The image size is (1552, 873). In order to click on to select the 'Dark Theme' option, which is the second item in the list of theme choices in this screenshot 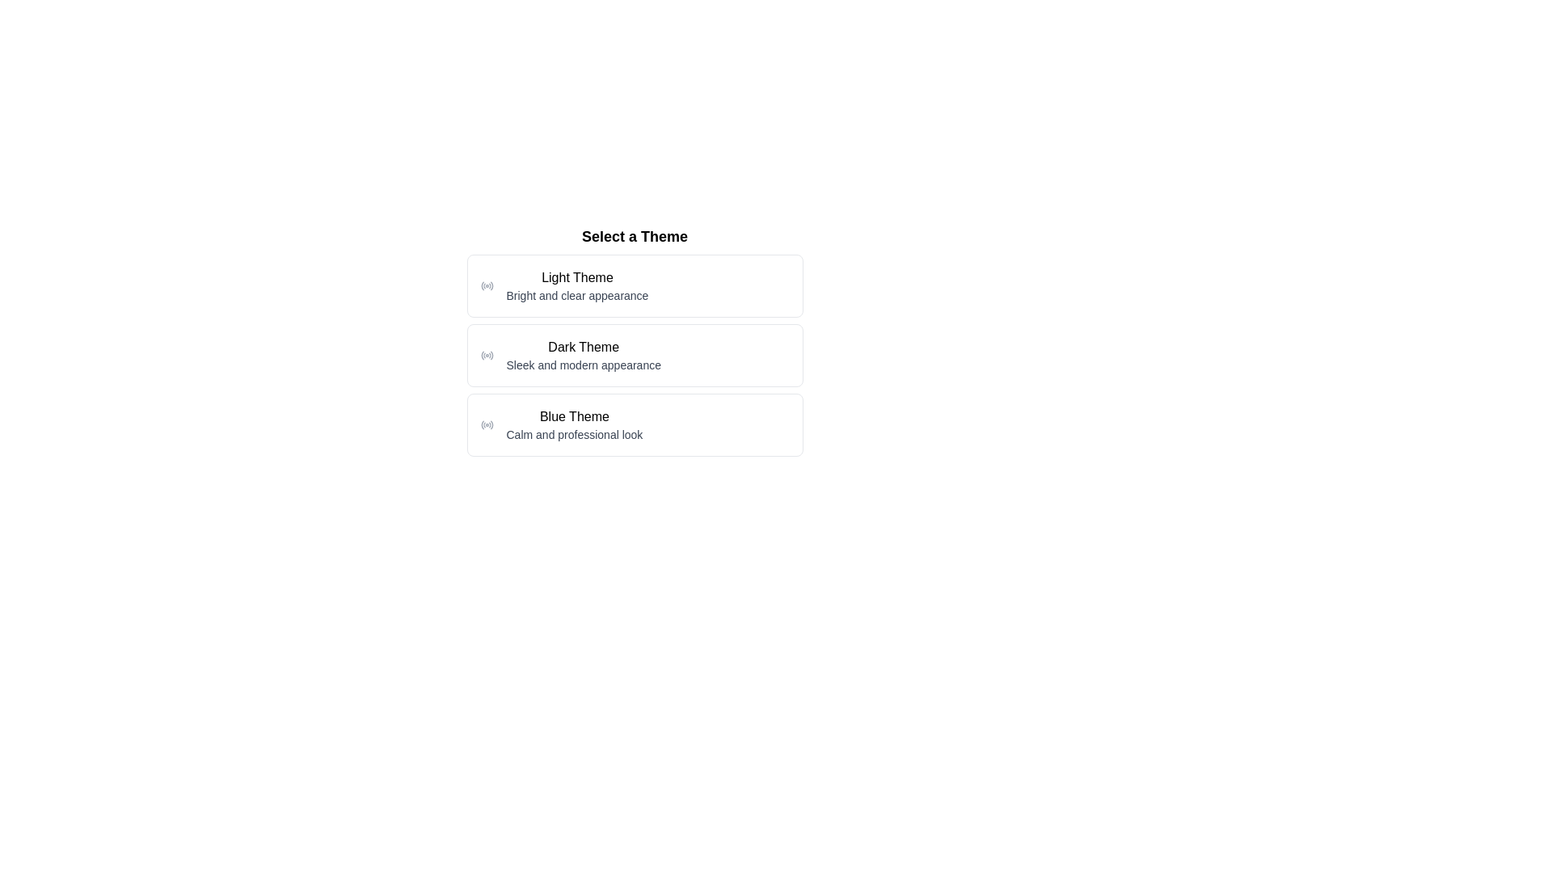, I will do `click(634, 354)`.